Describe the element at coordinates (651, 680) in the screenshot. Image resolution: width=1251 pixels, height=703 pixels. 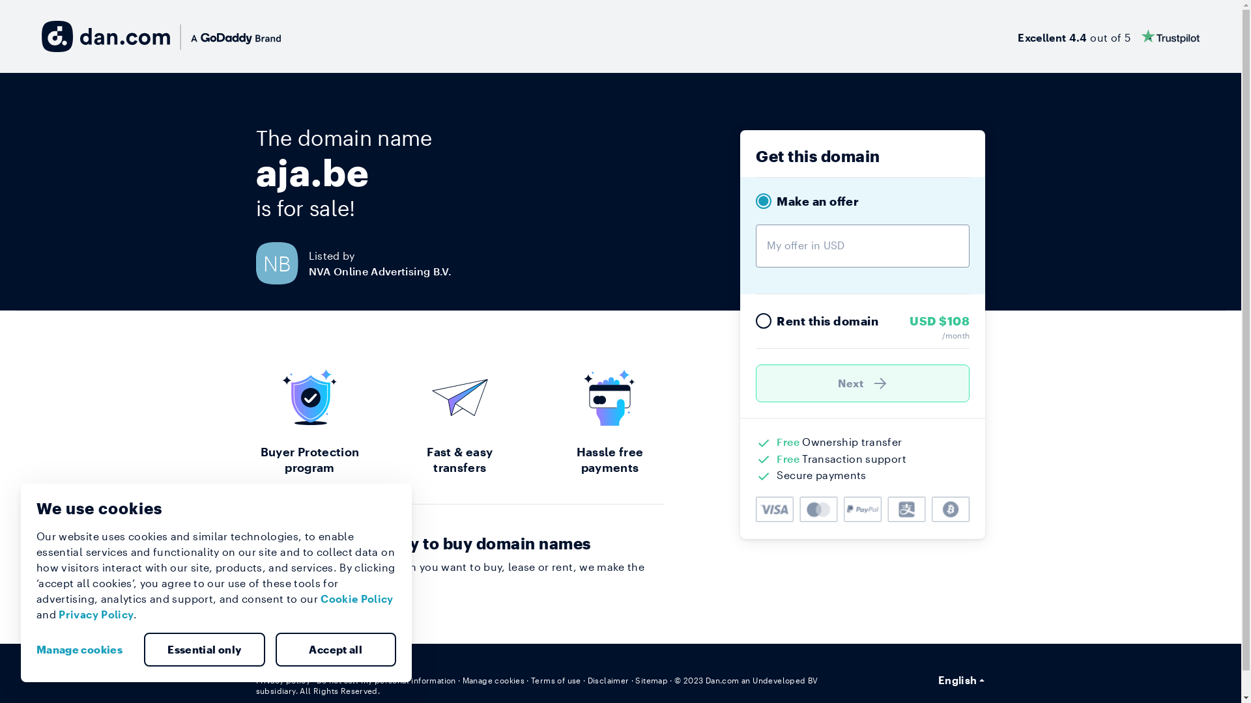
I see `'Sitemap'` at that location.